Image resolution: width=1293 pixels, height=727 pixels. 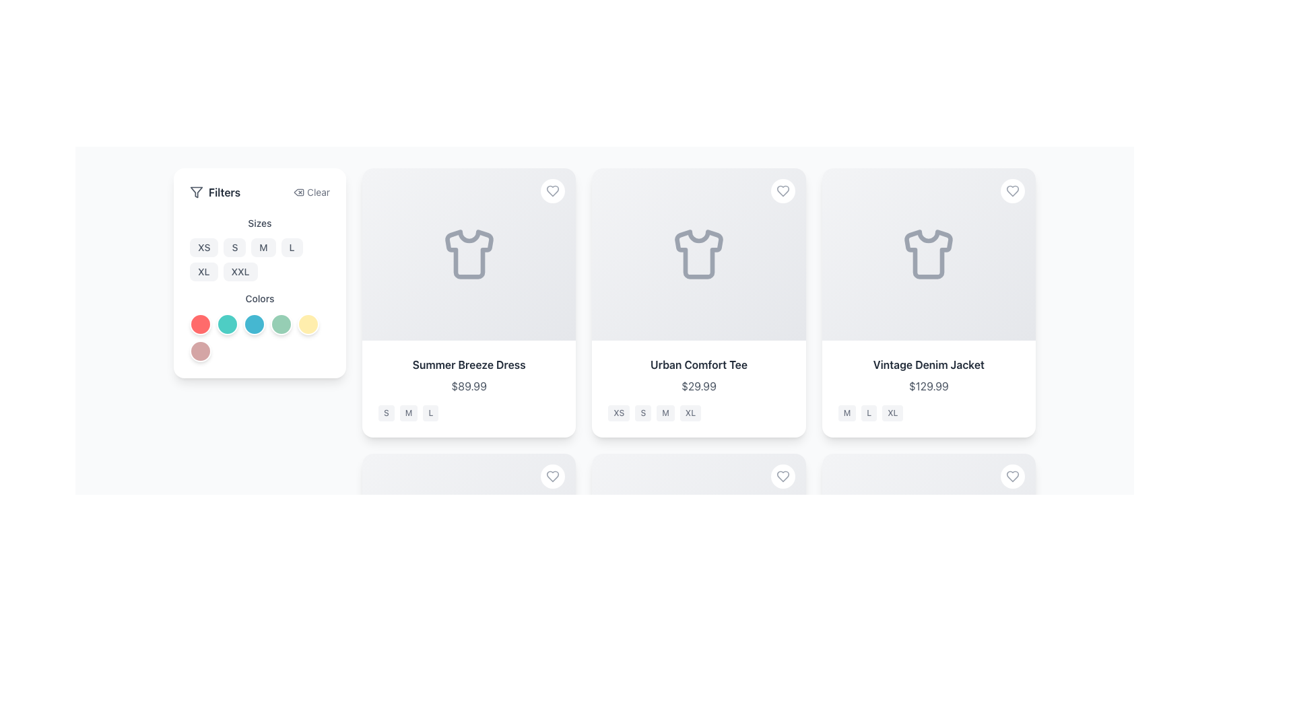 I want to click on the heart-shaped icon located in the top-right corner of the second card representing the 'Urban Comfort Tee', so click(x=783, y=191).